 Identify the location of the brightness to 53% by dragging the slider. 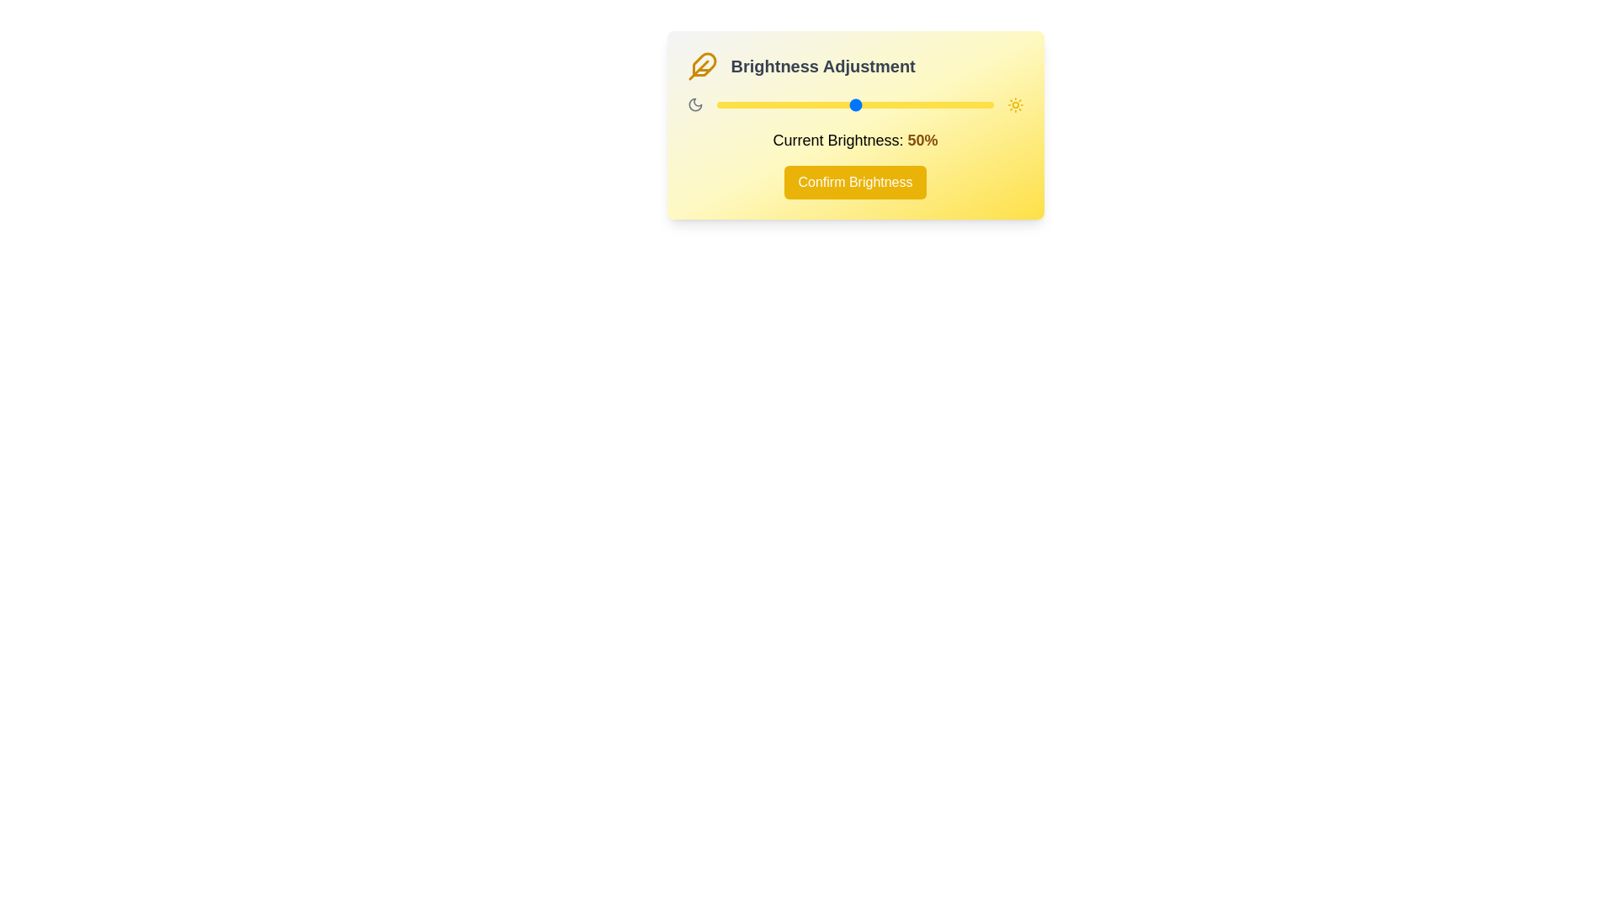
(863, 104).